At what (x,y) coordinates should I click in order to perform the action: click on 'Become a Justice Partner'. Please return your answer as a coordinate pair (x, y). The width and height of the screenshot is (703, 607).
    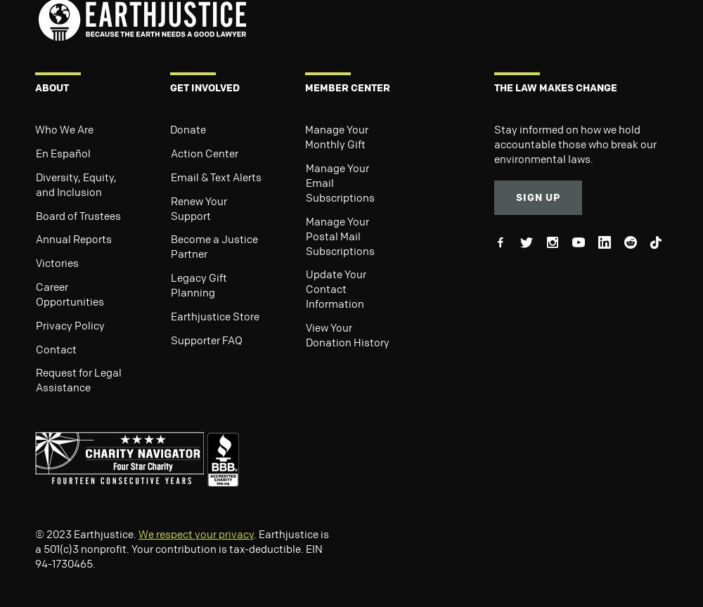
    Looking at the image, I should click on (214, 245).